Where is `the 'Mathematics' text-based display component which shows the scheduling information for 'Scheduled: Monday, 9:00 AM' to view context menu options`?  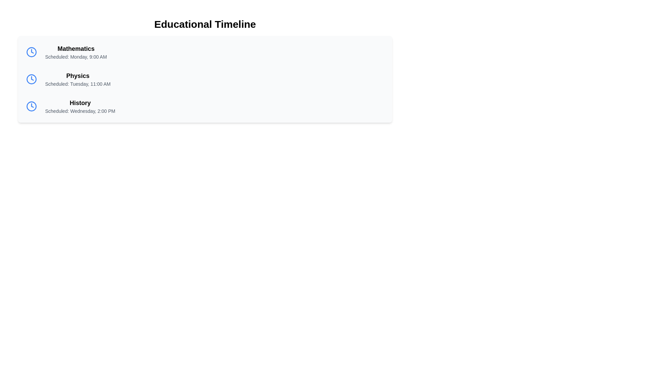 the 'Mathematics' text-based display component which shows the scheduling information for 'Scheduled: Monday, 9:00 AM' to view context menu options is located at coordinates (76, 52).